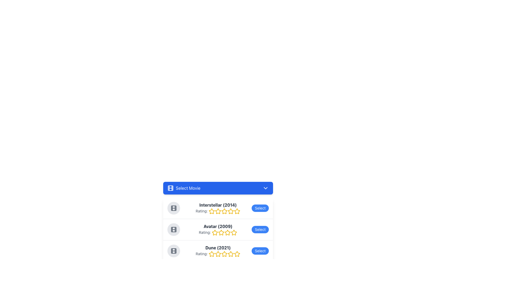  I want to click on the yellow star icon for rating in the movie 'Dune (2021)', located as the fifth star in the rating scale, so click(237, 254).